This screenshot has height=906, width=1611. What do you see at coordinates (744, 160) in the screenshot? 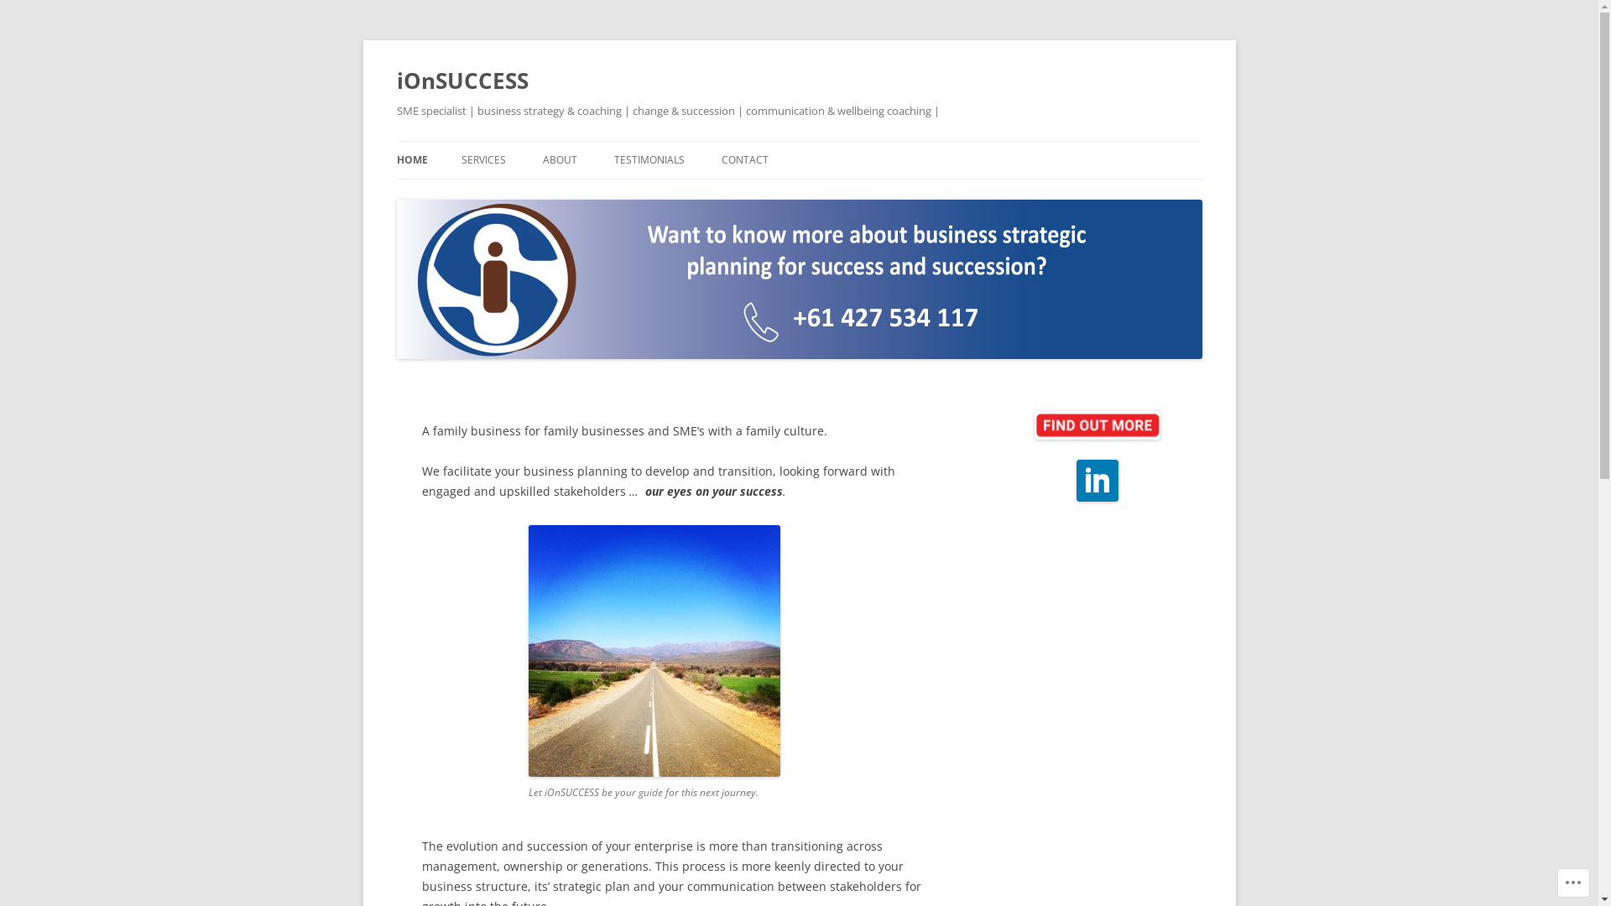
I see `'CONTACT'` at bounding box center [744, 160].